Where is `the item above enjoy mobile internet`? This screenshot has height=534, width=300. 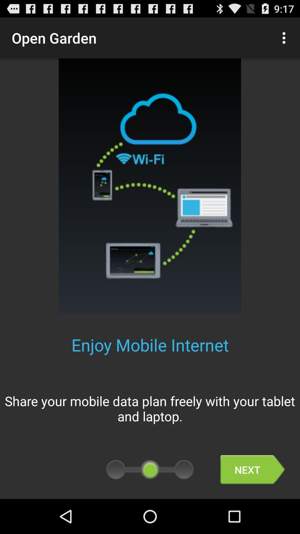
the item above enjoy mobile internet is located at coordinates (285, 38).